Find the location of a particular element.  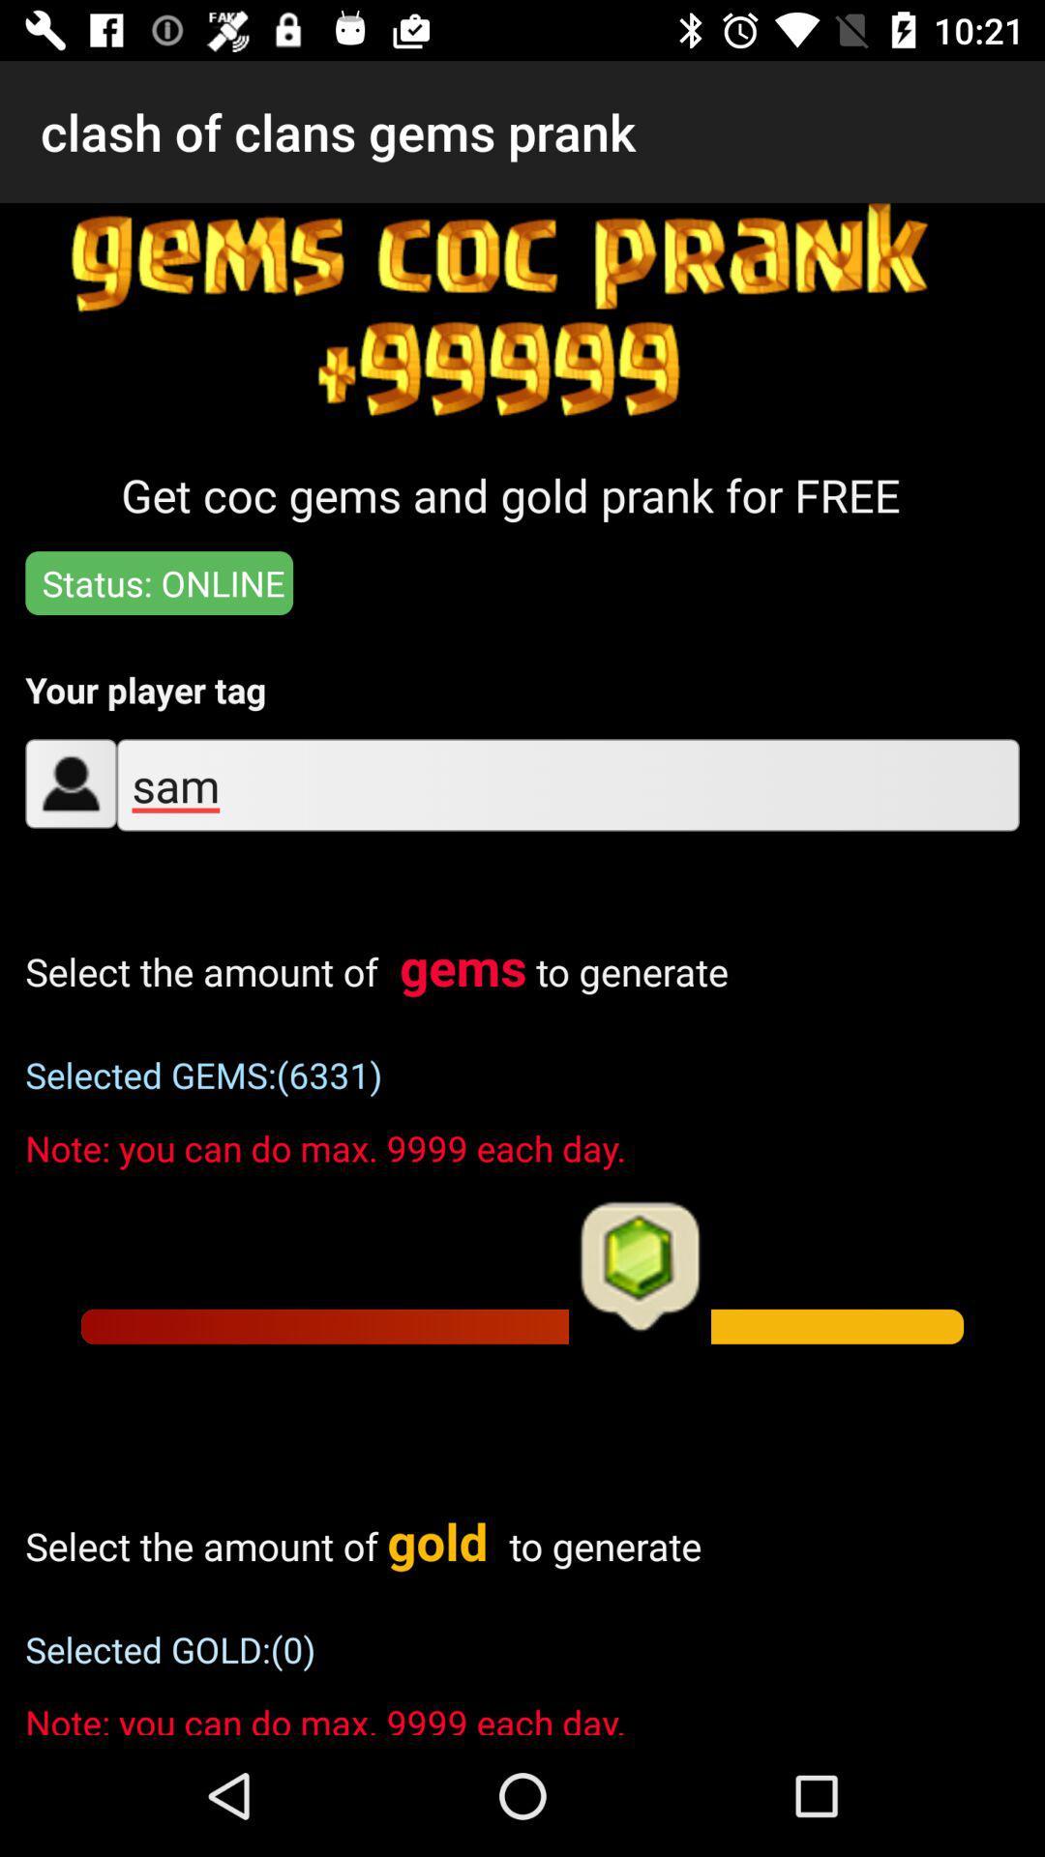

icon below the your player tag icon is located at coordinates (567, 784).